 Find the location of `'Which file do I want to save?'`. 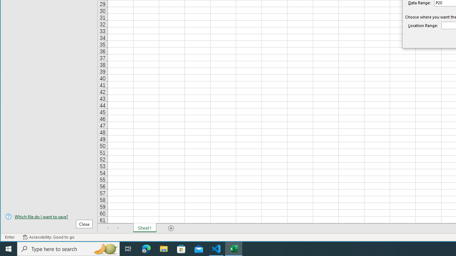

'Which file do I want to save?' is located at coordinates (48, 216).